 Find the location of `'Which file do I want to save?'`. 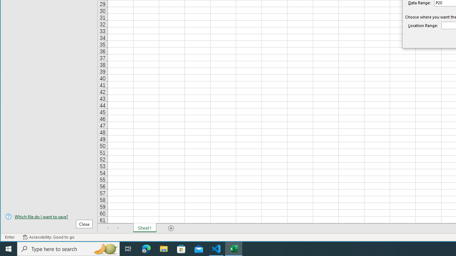

'Which file do I want to save?' is located at coordinates (48, 216).